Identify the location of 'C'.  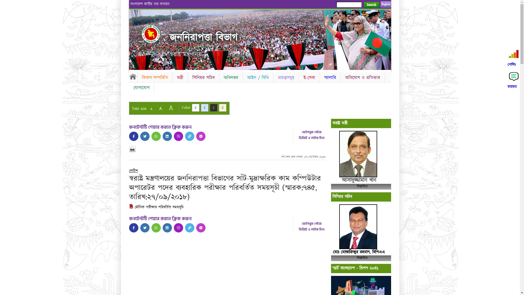
(204, 108).